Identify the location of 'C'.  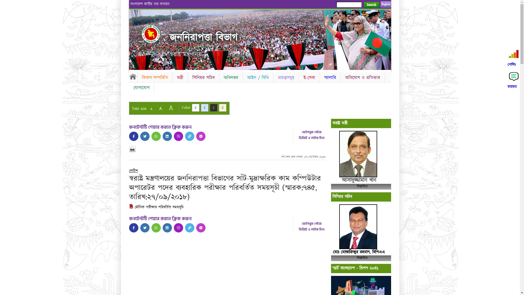
(204, 108).